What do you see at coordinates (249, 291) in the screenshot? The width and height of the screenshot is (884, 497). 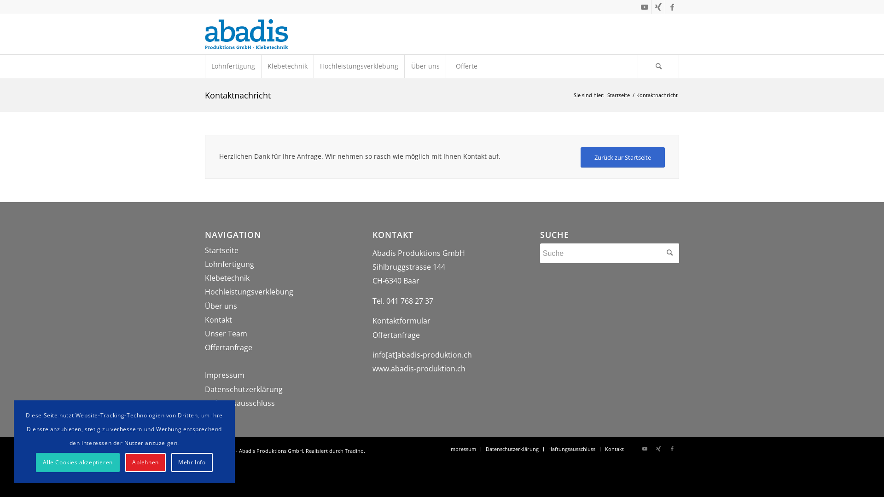 I see `'Hochleistungsverklebung'` at bounding box center [249, 291].